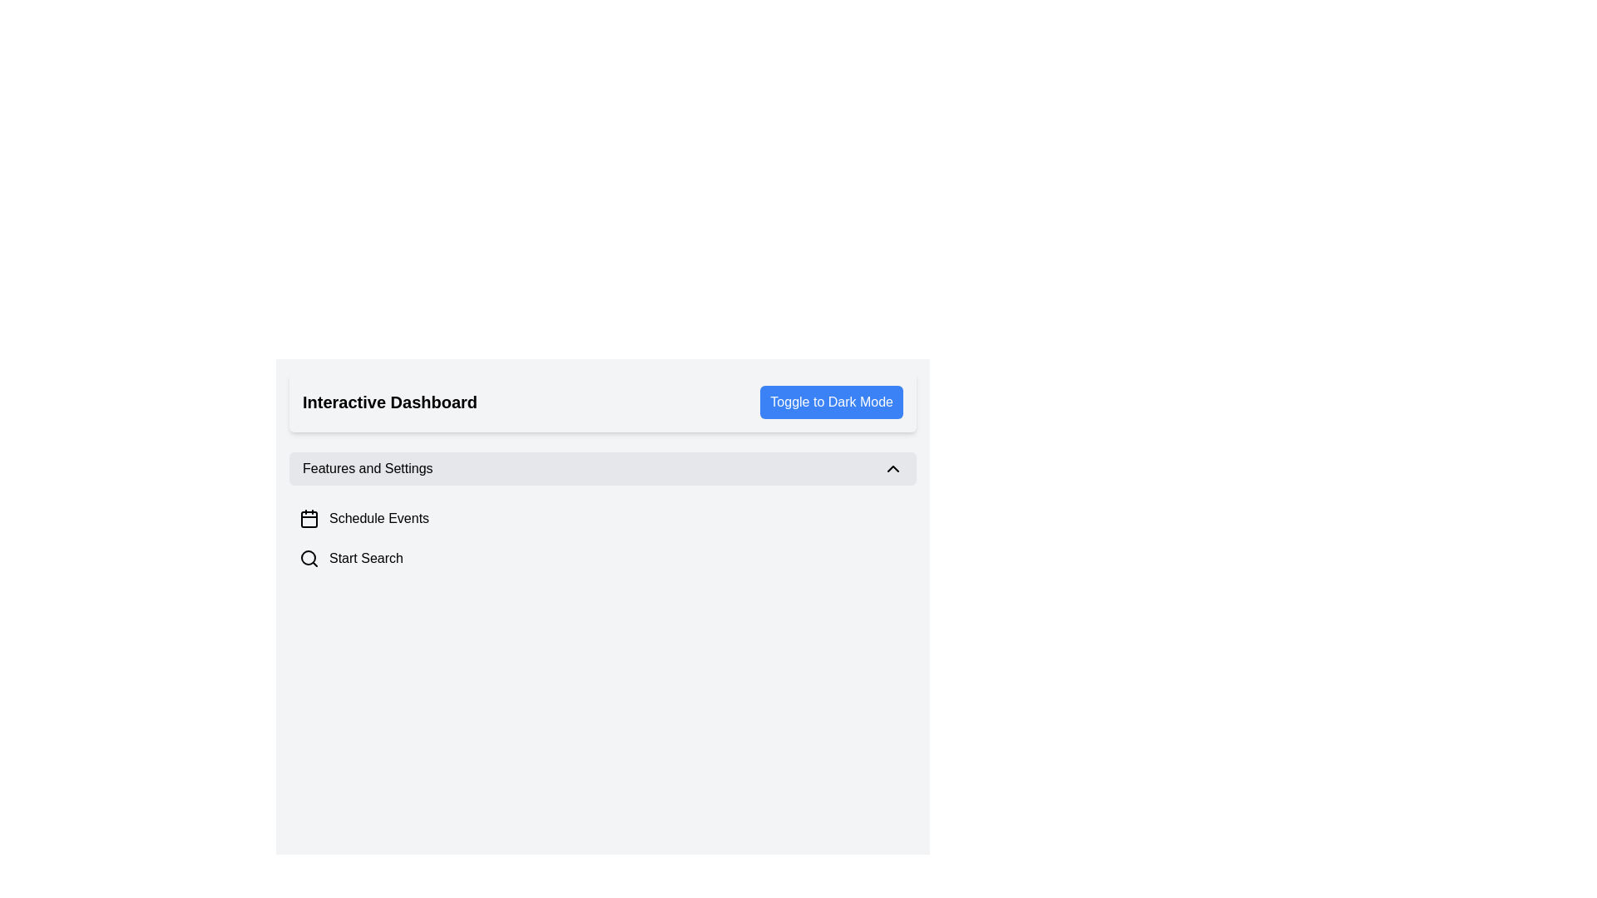 Image resolution: width=1597 pixels, height=898 pixels. I want to click on the 'Schedule Events' option in the composite menu located below the title 'Features and Settings', so click(601, 515).